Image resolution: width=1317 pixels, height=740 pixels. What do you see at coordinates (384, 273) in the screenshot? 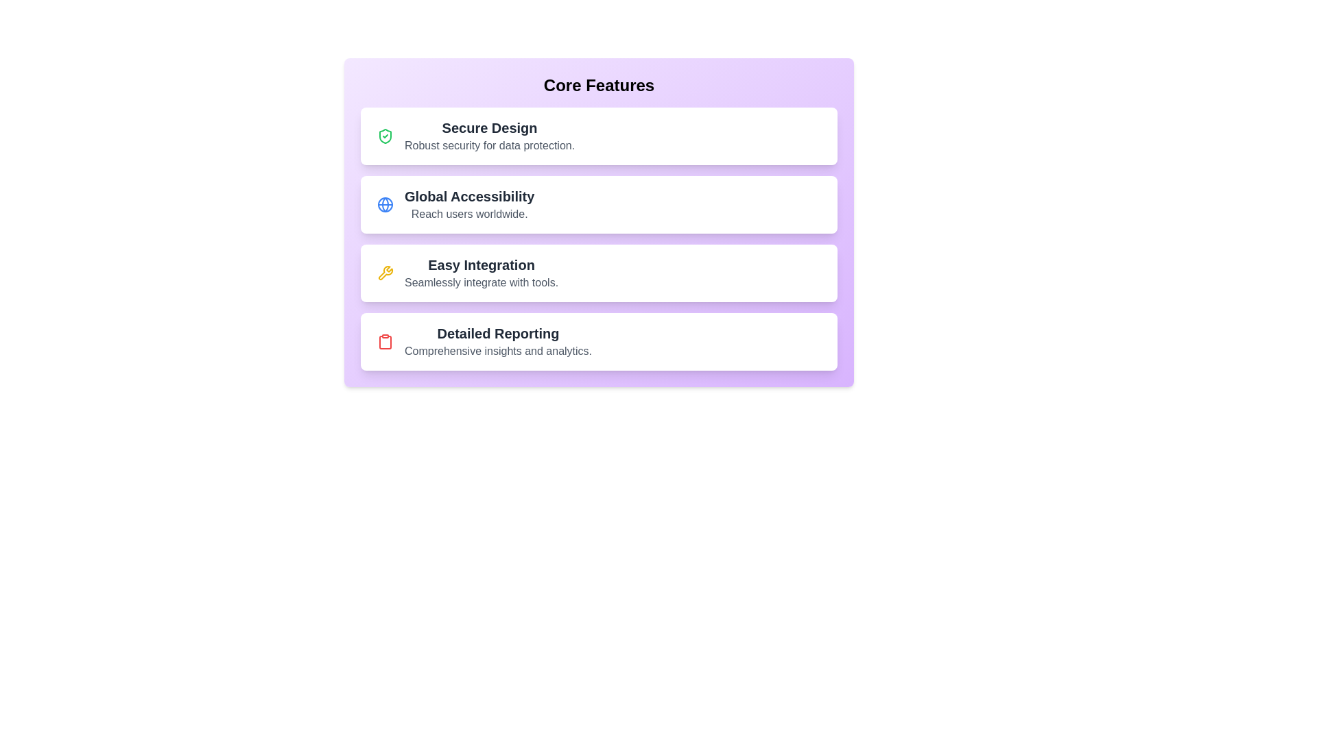
I see `the icon for Easy Integration to display additional information` at bounding box center [384, 273].